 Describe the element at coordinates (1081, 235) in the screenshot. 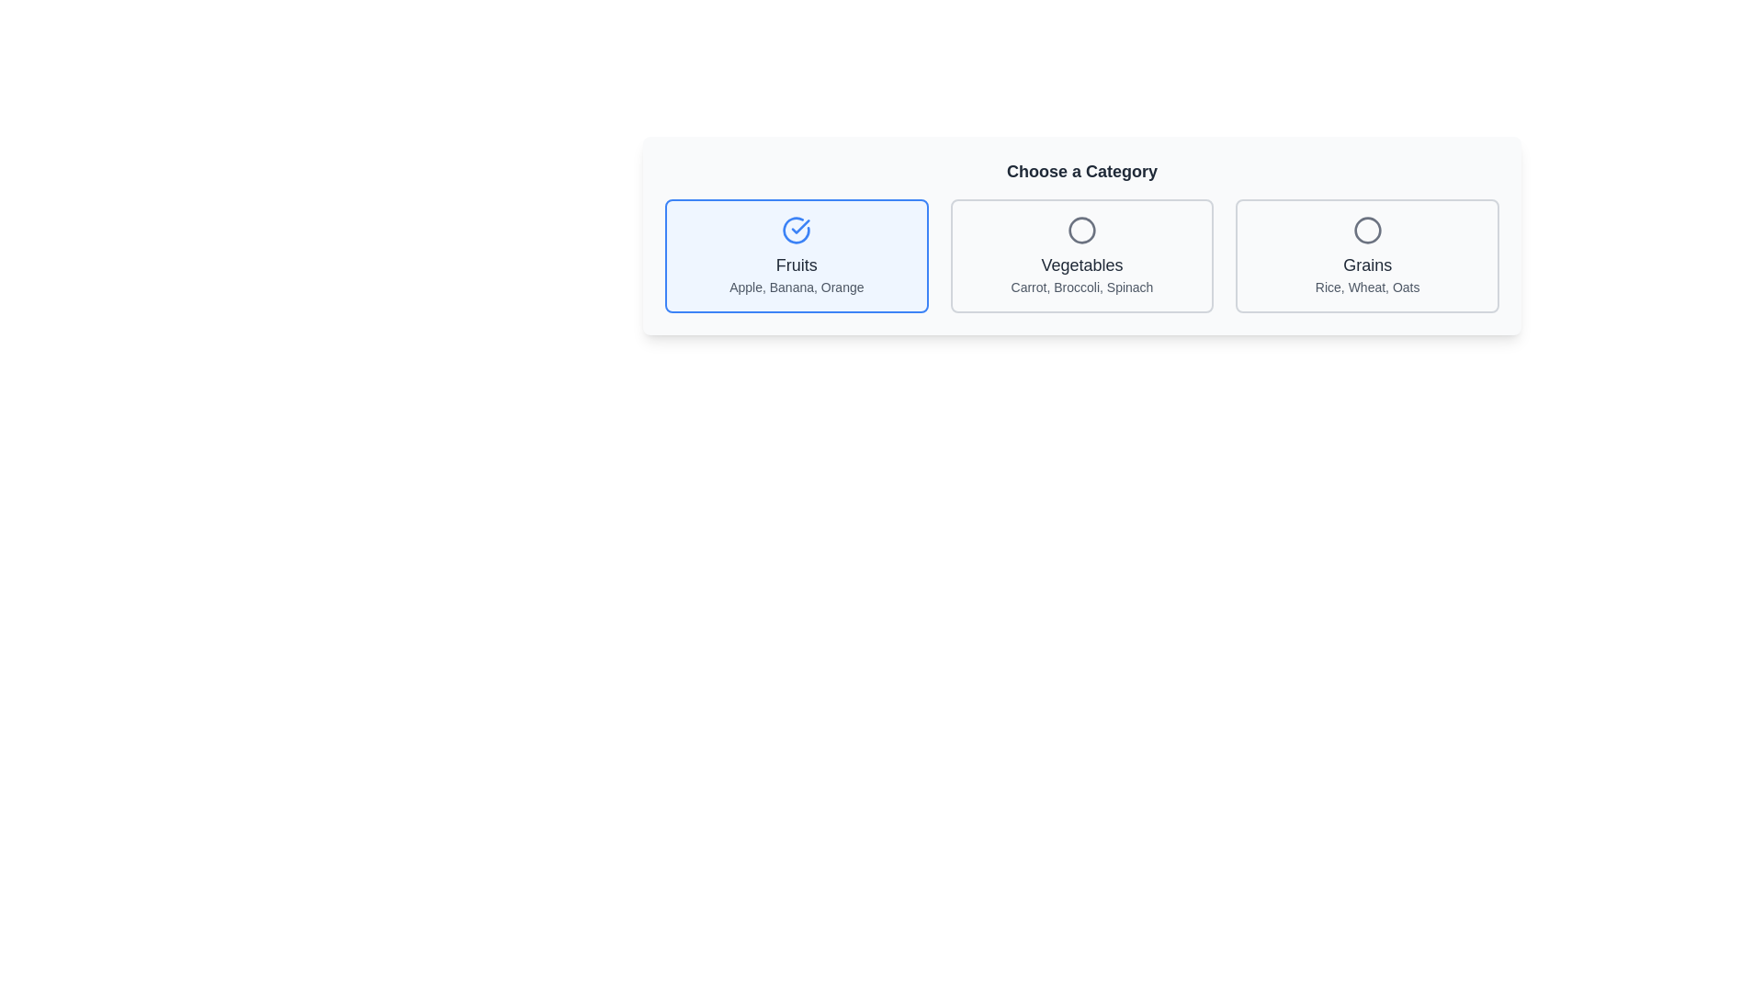

I see `the 'Vegetables' category selection card, which is a card-like box with a gray background, featuring a circular icon at the top and the text 'Vegetables' in bold below it` at that location.